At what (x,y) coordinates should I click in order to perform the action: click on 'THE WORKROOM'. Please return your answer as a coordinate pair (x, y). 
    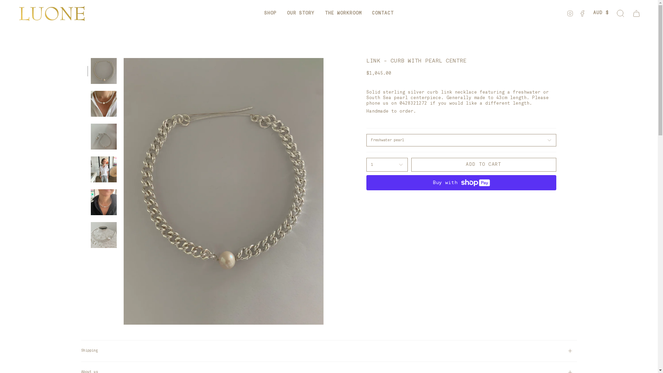
    Looking at the image, I should click on (319, 13).